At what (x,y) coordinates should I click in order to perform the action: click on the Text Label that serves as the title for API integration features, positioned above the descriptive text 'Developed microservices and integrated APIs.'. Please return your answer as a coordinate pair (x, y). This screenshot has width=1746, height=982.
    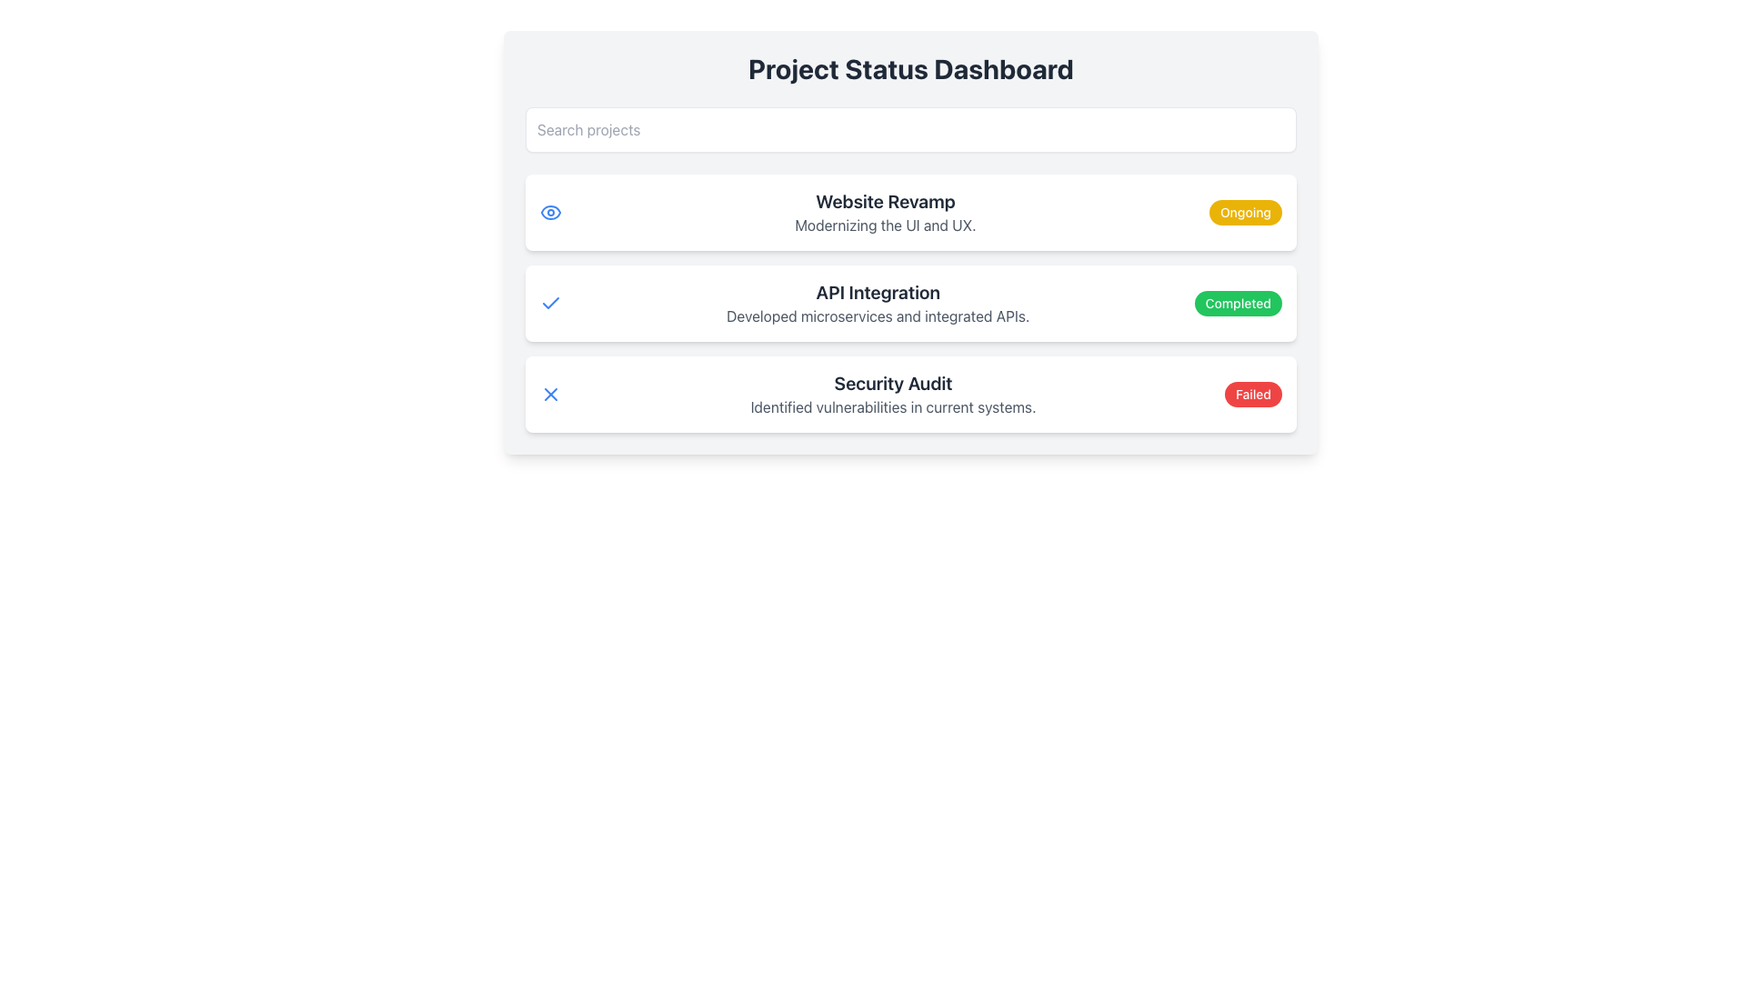
    Looking at the image, I should click on (878, 291).